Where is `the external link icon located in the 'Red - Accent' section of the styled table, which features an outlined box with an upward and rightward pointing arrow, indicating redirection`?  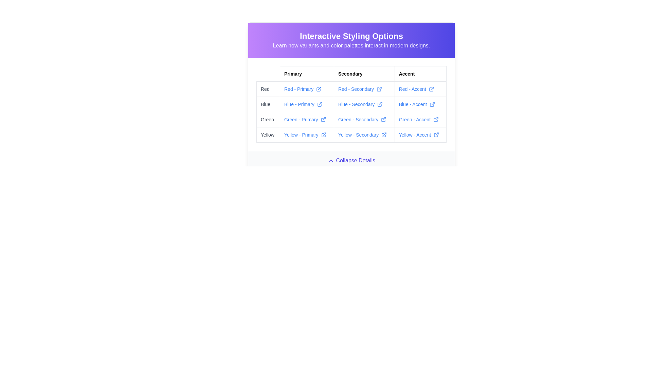 the external link icon located in the 'Red - Accent' section of the styled table, which features an outlined box with an upward and rightward pointing arrow, indicating redirection is located at coordinates (431, 88).